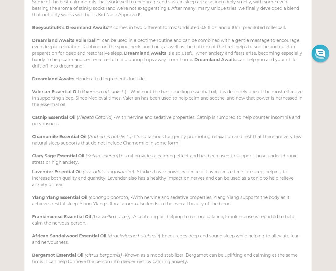  I want to click on '(cananga odorata) -', so click(110, 197).